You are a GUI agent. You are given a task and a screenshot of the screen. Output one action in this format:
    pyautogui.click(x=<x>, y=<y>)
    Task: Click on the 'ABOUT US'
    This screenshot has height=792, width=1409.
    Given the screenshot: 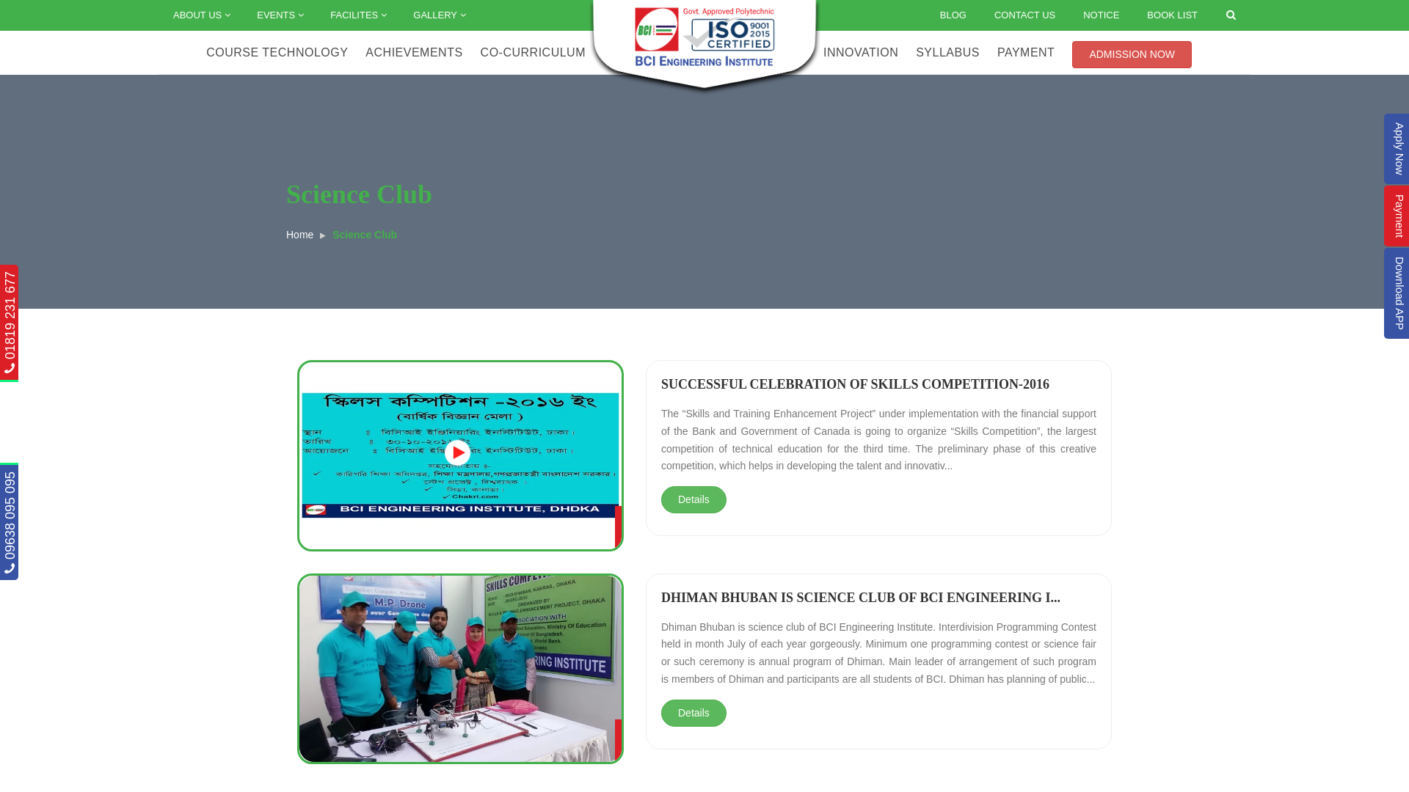 What is the action you would take?
    pyautogui.click(x=200, y=15)
    